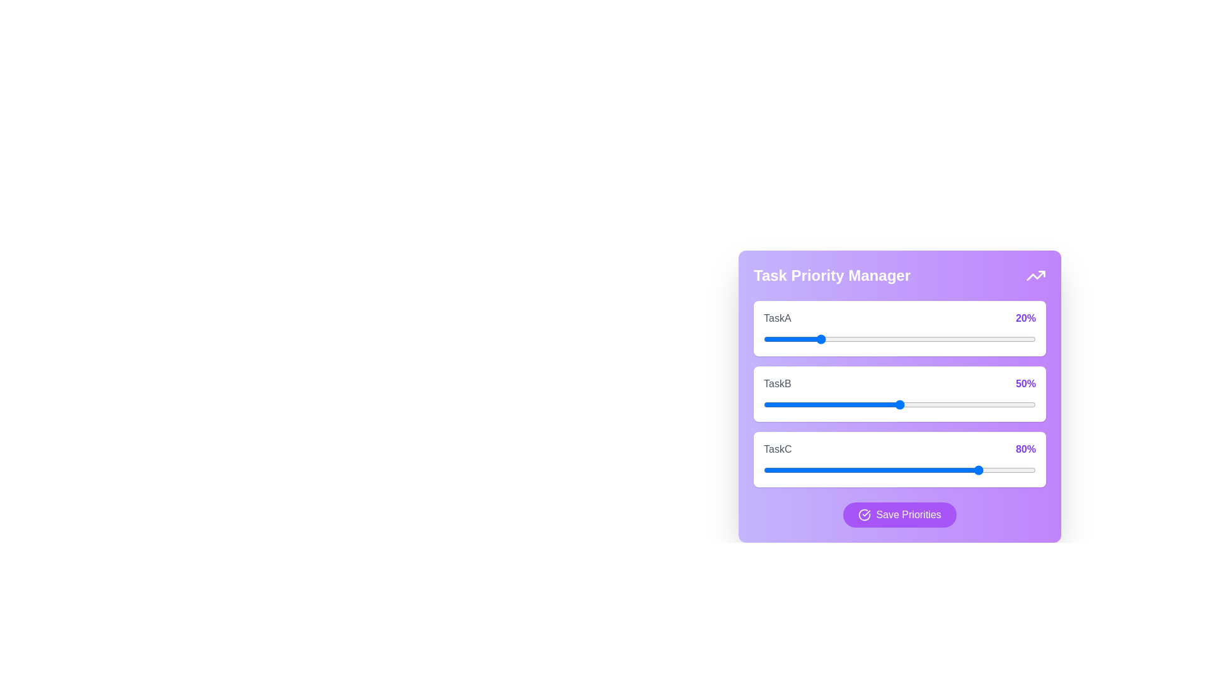 This screenshot has height=680, width=1210. What do you see at coordinates (869, 339) in the screenshot?
I see `the priority of TaskA to 39%` at bounding box center [869, 339].